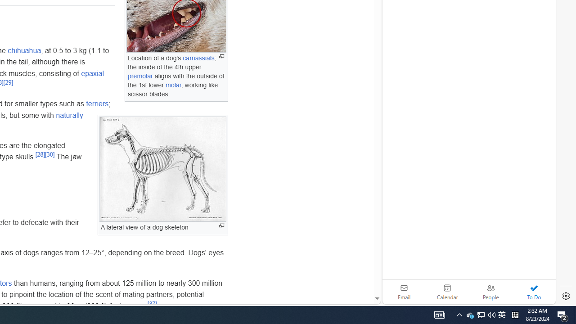 Image resolution: width=576 pixels, height=324 pixels. I want to click on '[37]', so click(152, 304).